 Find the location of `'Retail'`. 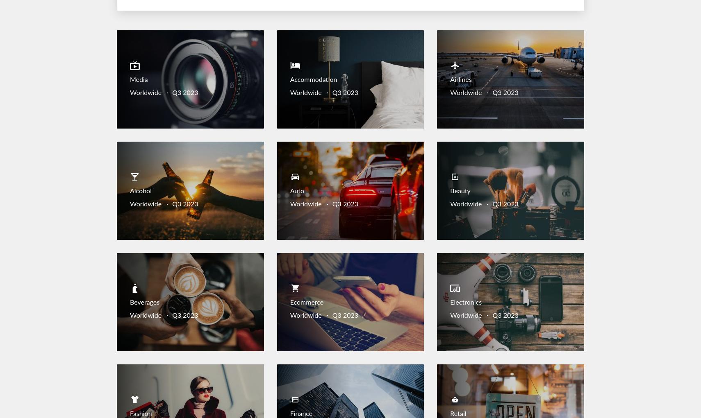

'Retail' is located at coordinates (457, 413).